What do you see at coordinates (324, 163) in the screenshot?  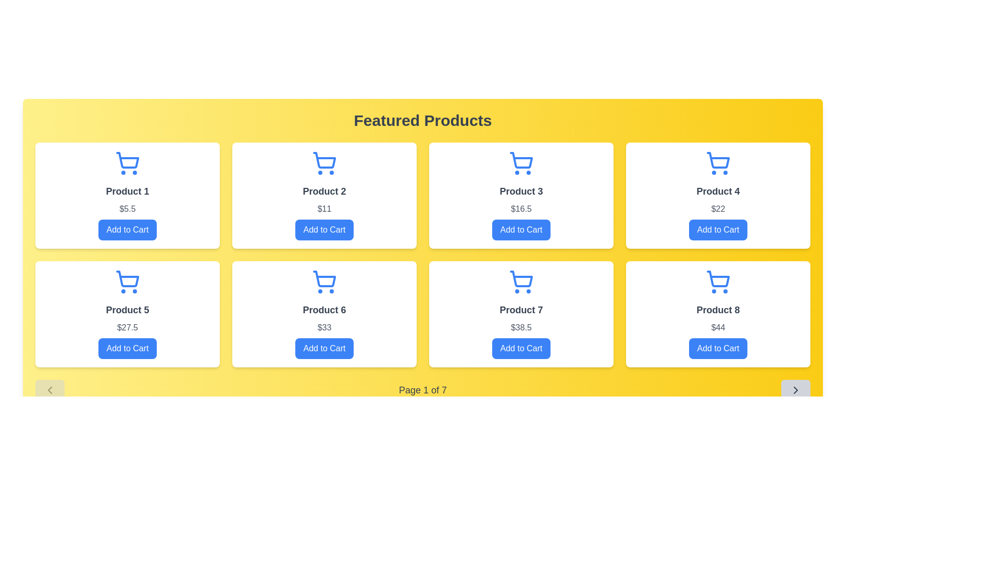 I see `the shopping cart icon located at the top-center of the second card in the first row of the product grid` at bounding box center [324, 163].